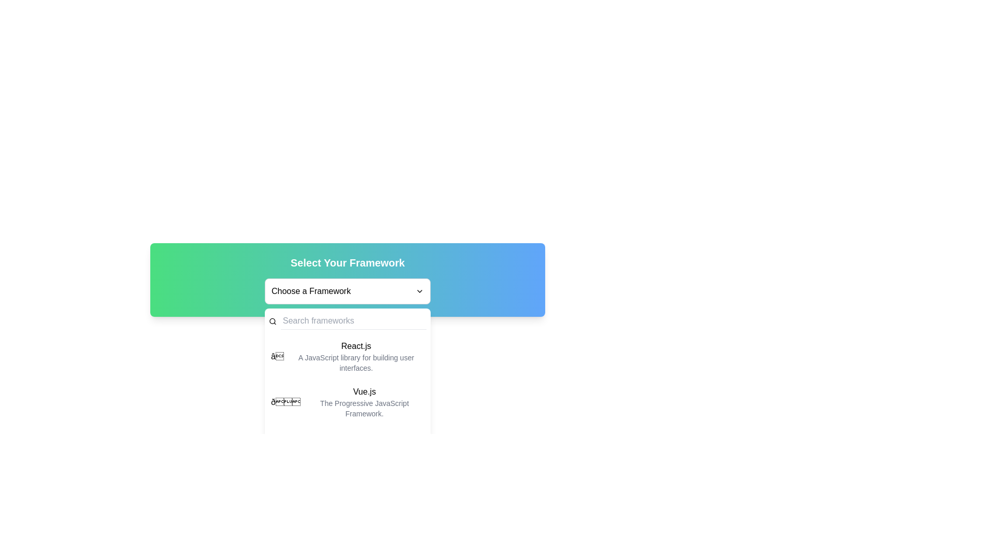 The image size is (995, 560). Describe the element at coordinates (348, 291) in the screenshot. I see `the 'Choose a Framework' dropdown menu` at that location.